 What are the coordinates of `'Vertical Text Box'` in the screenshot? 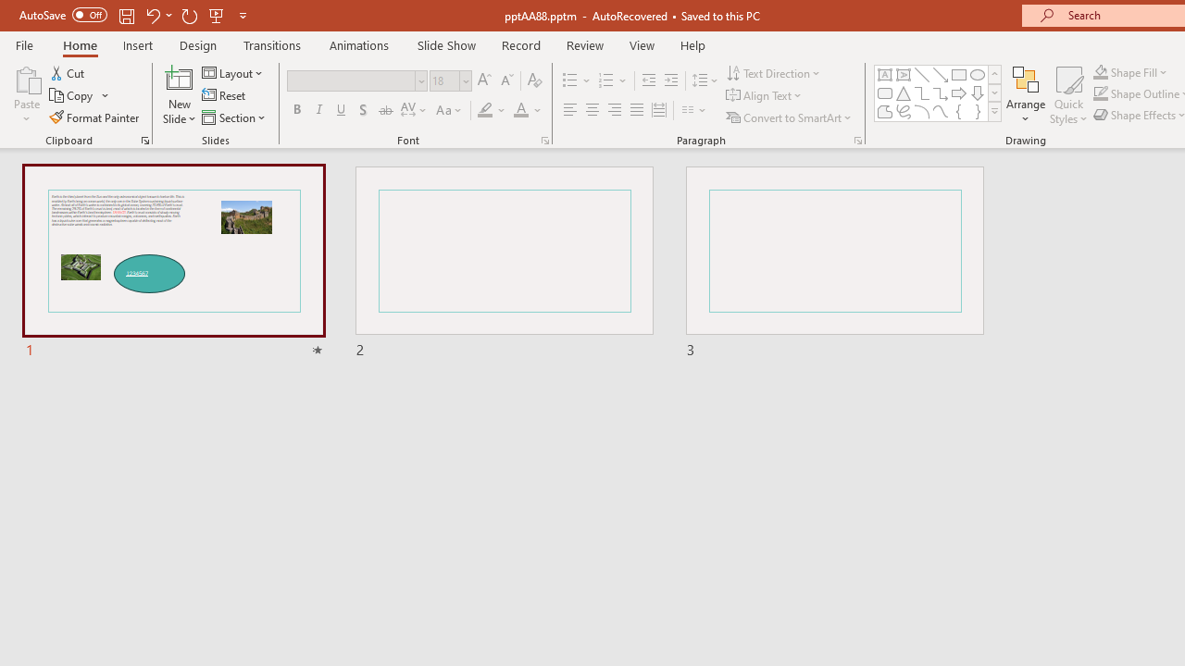 It's located at (904, 74).